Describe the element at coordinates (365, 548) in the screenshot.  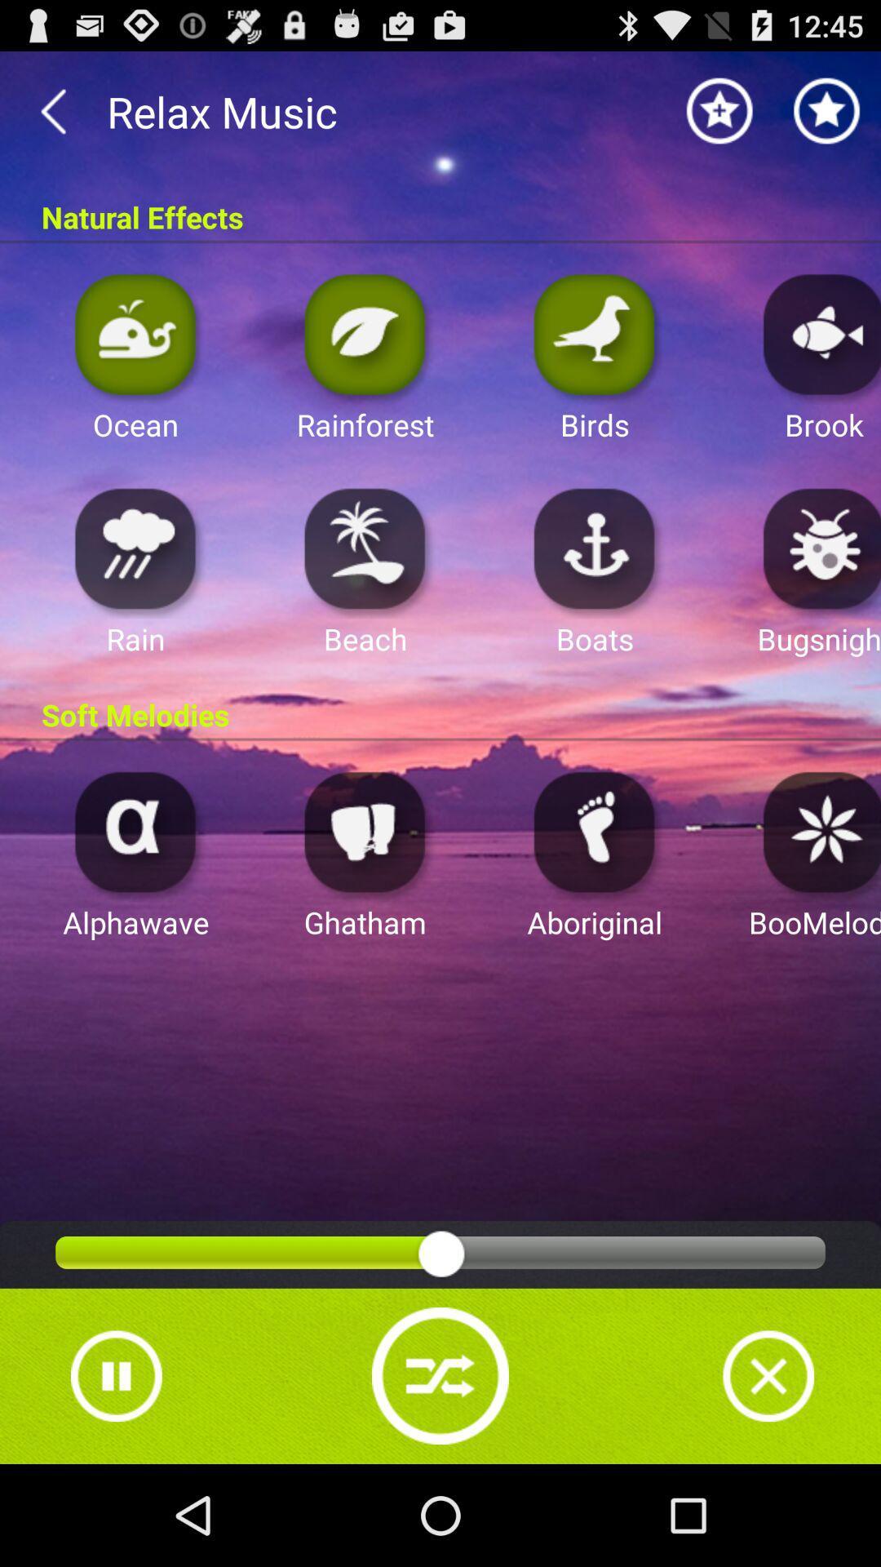
I see `the beach button` at that location.